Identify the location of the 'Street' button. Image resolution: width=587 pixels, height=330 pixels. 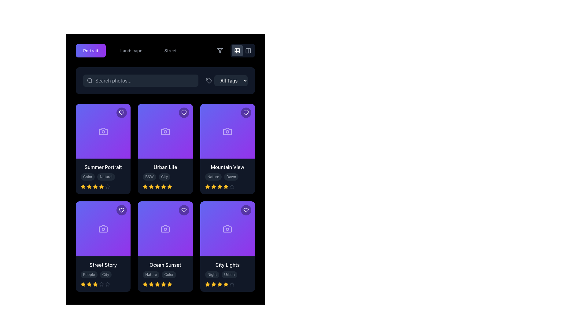
(170, 50).